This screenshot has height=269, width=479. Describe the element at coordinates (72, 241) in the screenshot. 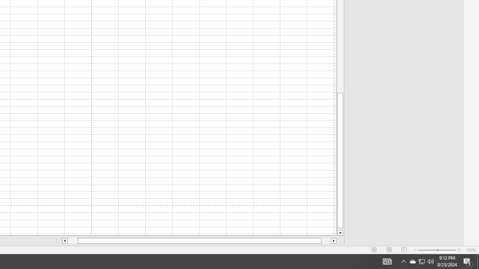

I see `'Page left'` at that location.